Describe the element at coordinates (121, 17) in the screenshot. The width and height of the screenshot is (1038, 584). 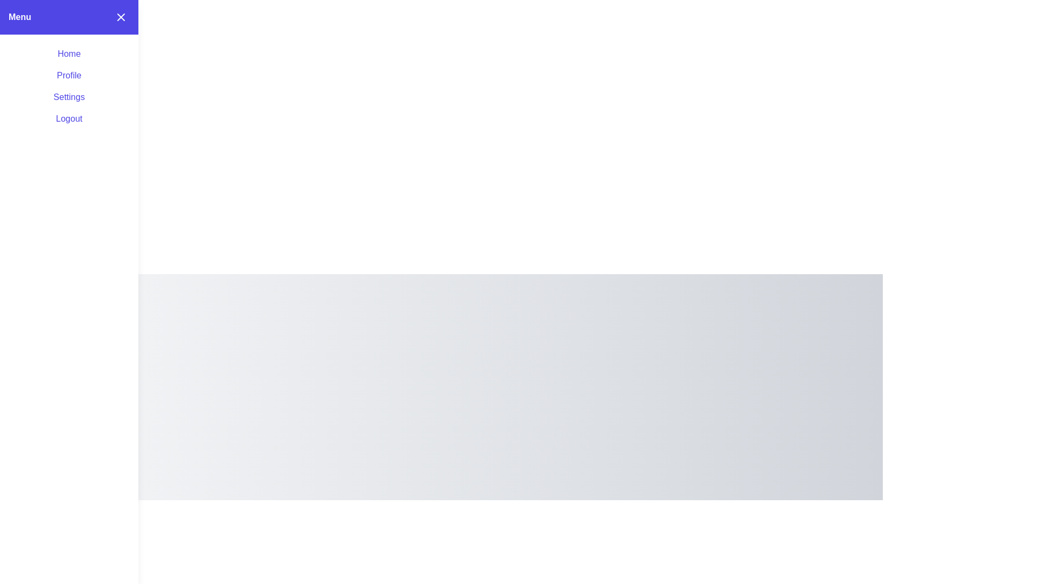
I see `the close button in the top-right corner of the menu to toggle its visibility` at that location.